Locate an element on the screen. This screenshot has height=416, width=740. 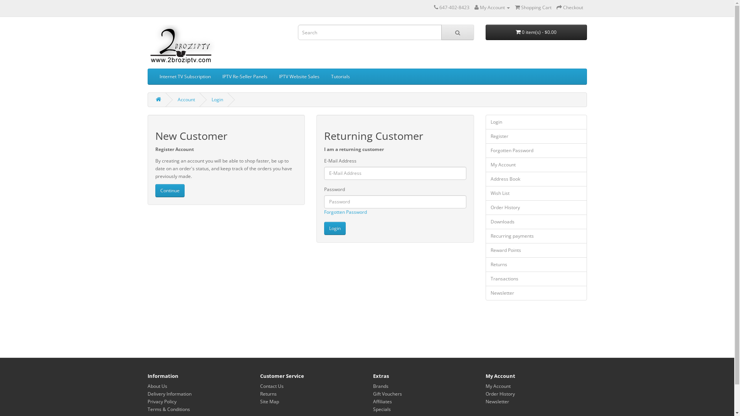
'Account' is located at coordinates (186, 99).